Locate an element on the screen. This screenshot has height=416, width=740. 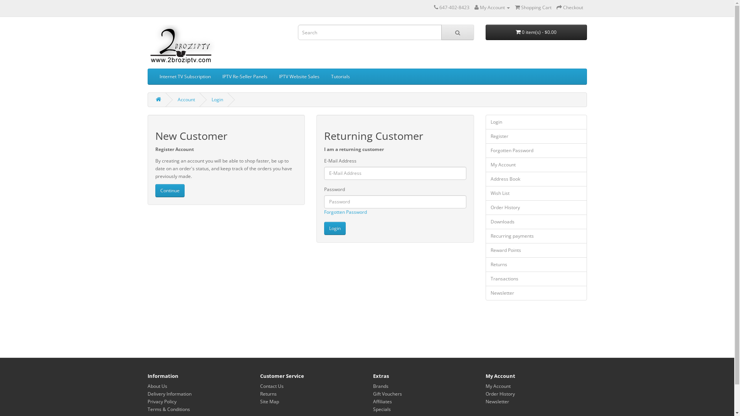
'Account' is located at coordinates (186, 99).